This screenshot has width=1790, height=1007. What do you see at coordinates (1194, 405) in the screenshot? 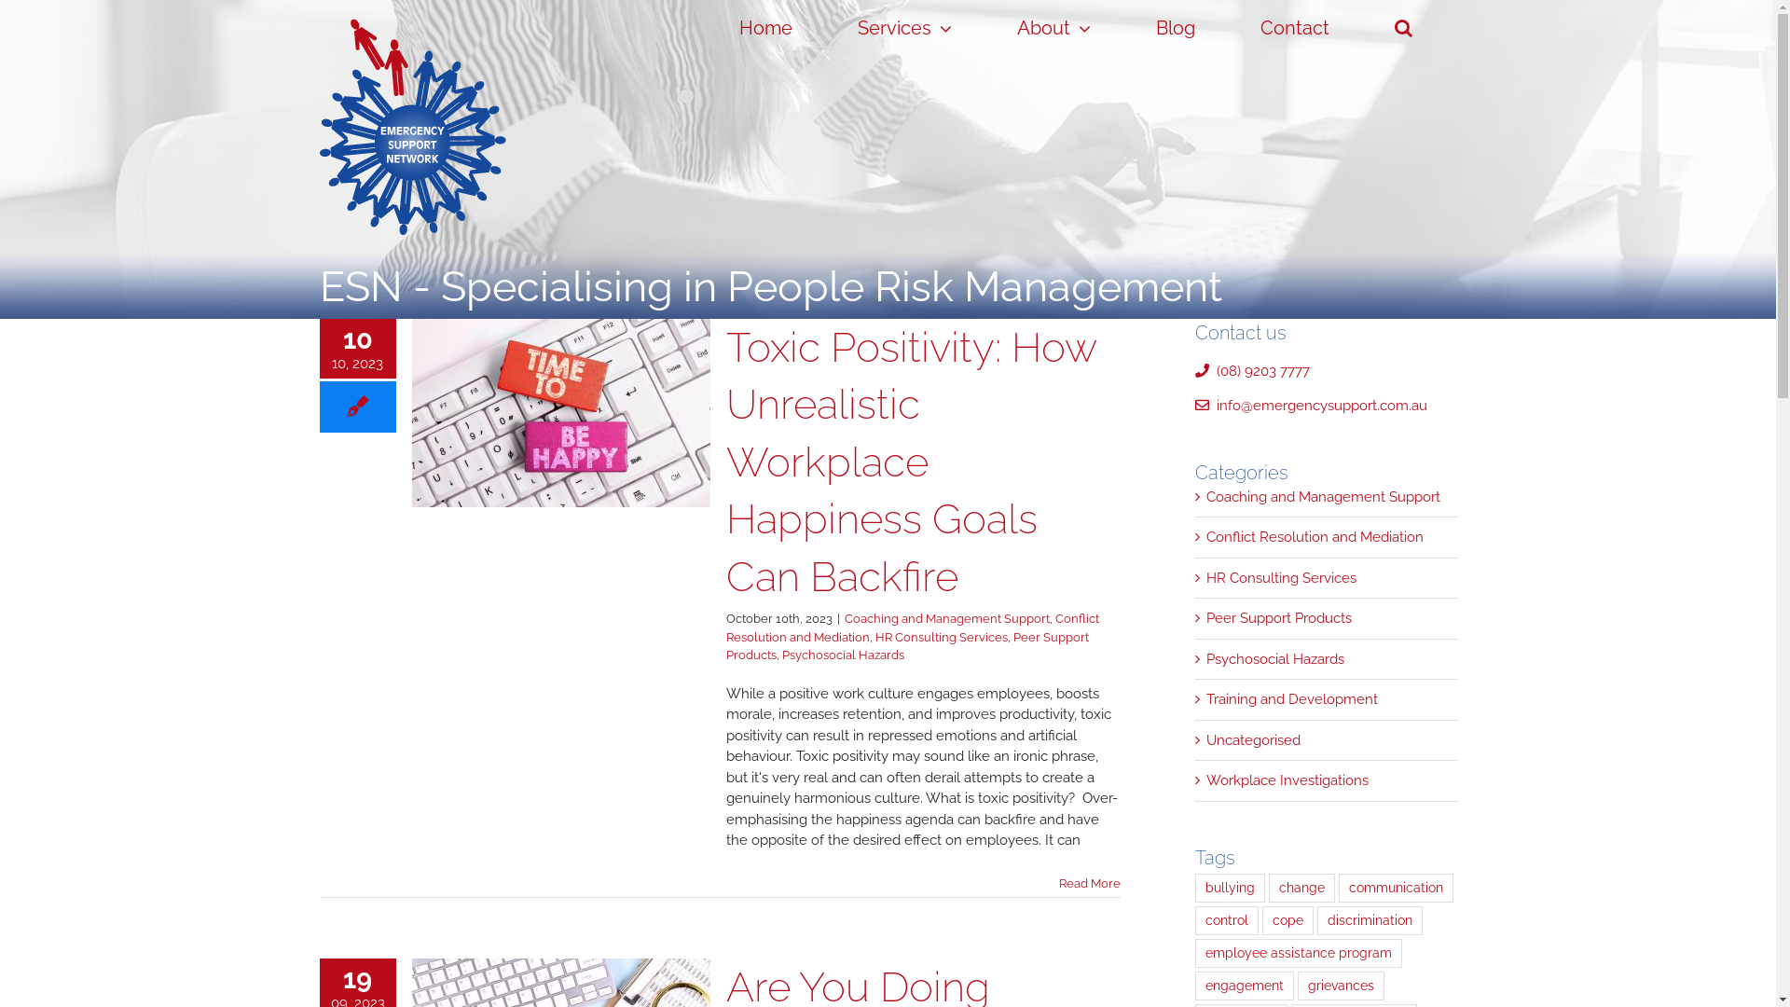
I see `'  info@emergencysupport.com.au'` at bounding box center [1194, 405].